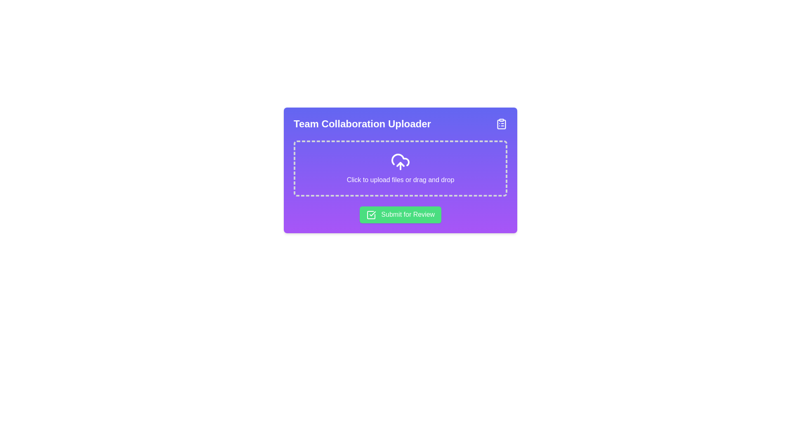 The image size is (792, 445). What do you see at coordinates (400, 199) in the screenshot?
I see `the submit button located within the file upload area` at bounding box center [400, 199].